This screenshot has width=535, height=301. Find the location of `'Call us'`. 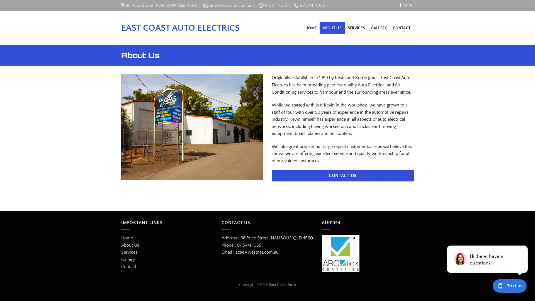

'Call us' is located at coordinates (411, 5).